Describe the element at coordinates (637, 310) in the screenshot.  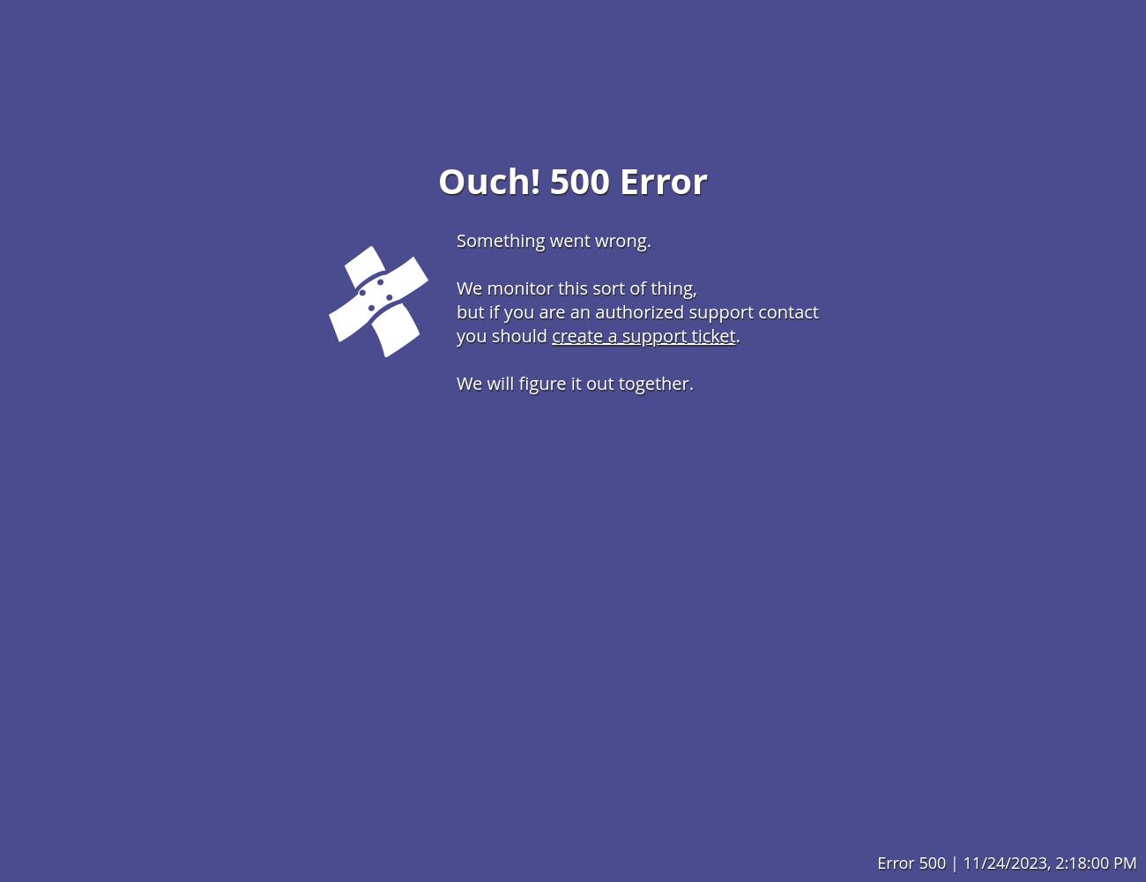
I see `'but if you are an authorized support contact'` at that location.